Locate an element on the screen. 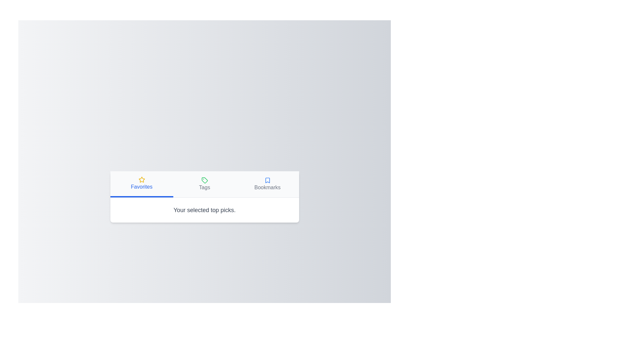 The image size is (629, 353). the tab labeled Tags is located at coordinates (204, 184).